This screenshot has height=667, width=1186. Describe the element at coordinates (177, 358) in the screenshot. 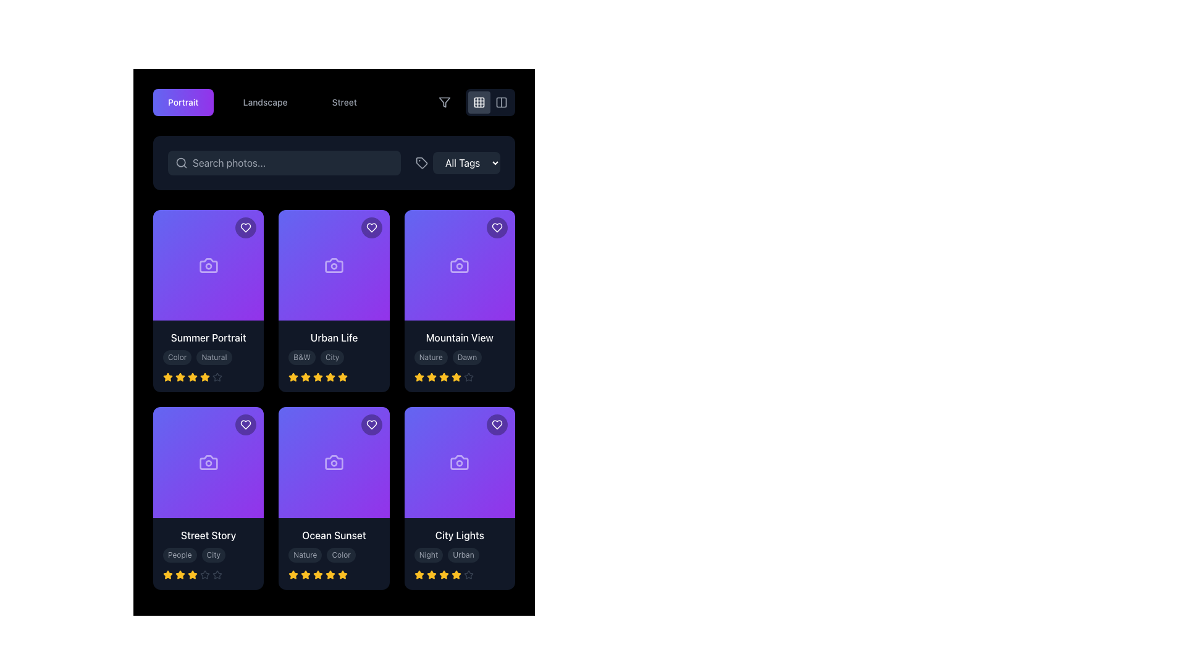

I see `the static text label that reads 'Color,' which has a dark gray background and light gray rounded border, located below the title 'Summer Portrait' in the top-left card of the grid layout` at that location.